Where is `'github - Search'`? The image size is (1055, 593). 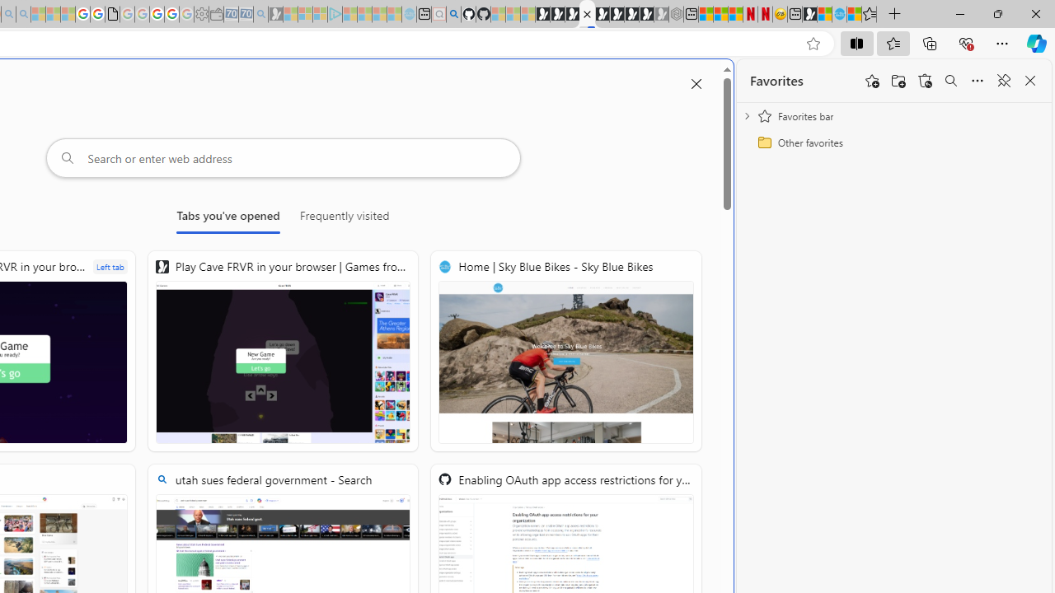 'github - Search' is located at coordinates (453, 14).